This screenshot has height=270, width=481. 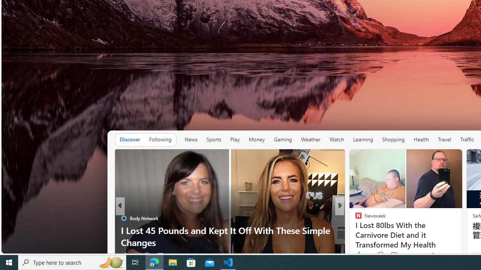 What do you see at coordinates (282, 139) in the screenshot?
I see `'Gaming'` at bounding box center [282, 139].